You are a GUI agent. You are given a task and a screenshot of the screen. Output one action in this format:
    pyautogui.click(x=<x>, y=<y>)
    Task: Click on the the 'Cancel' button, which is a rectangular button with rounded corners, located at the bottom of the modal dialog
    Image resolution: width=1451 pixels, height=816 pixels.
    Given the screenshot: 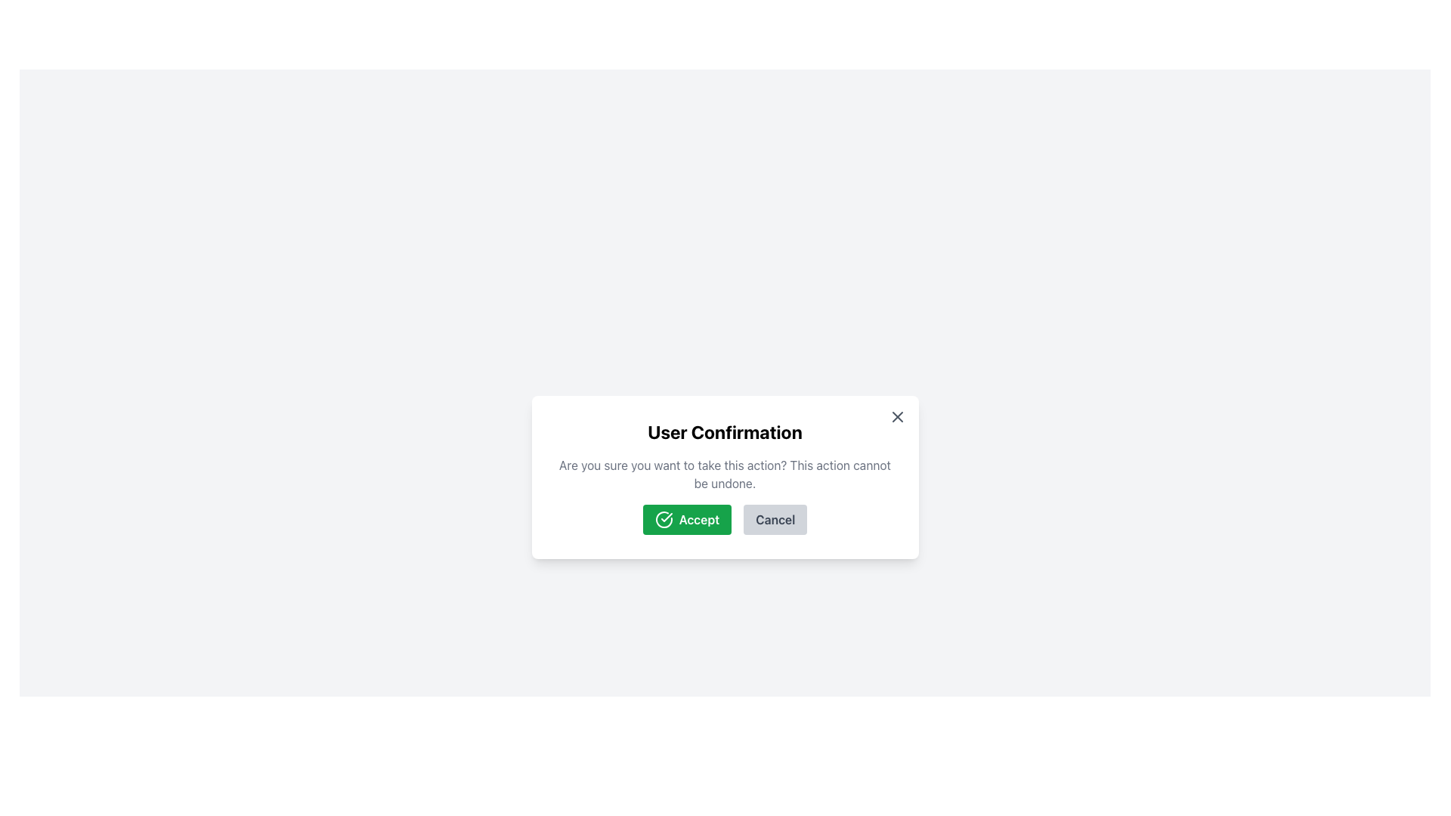 What is the action you would take?
    pyautogui.click(x=775, y=518)
    